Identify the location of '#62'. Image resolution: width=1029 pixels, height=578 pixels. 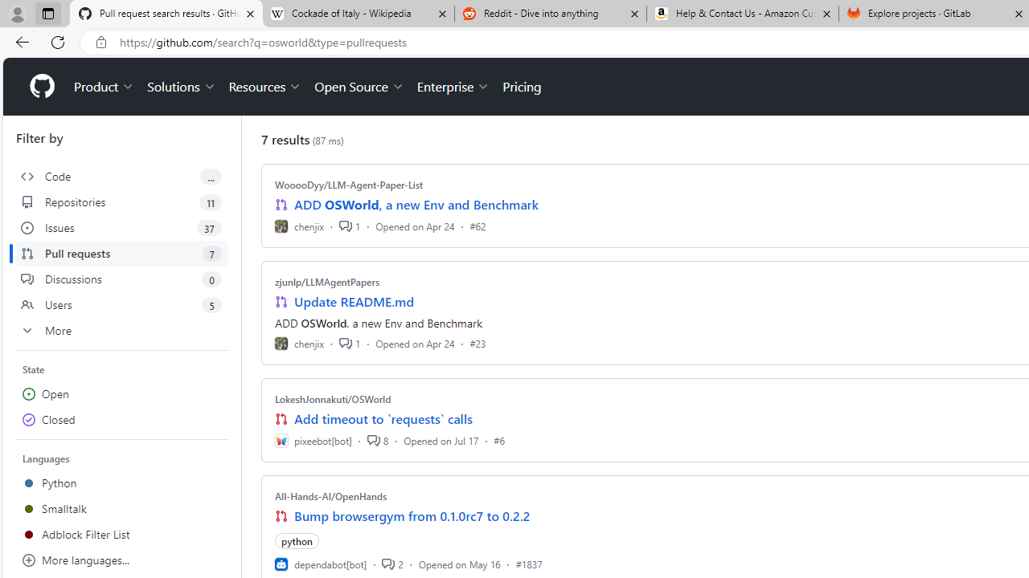
(477, 226).